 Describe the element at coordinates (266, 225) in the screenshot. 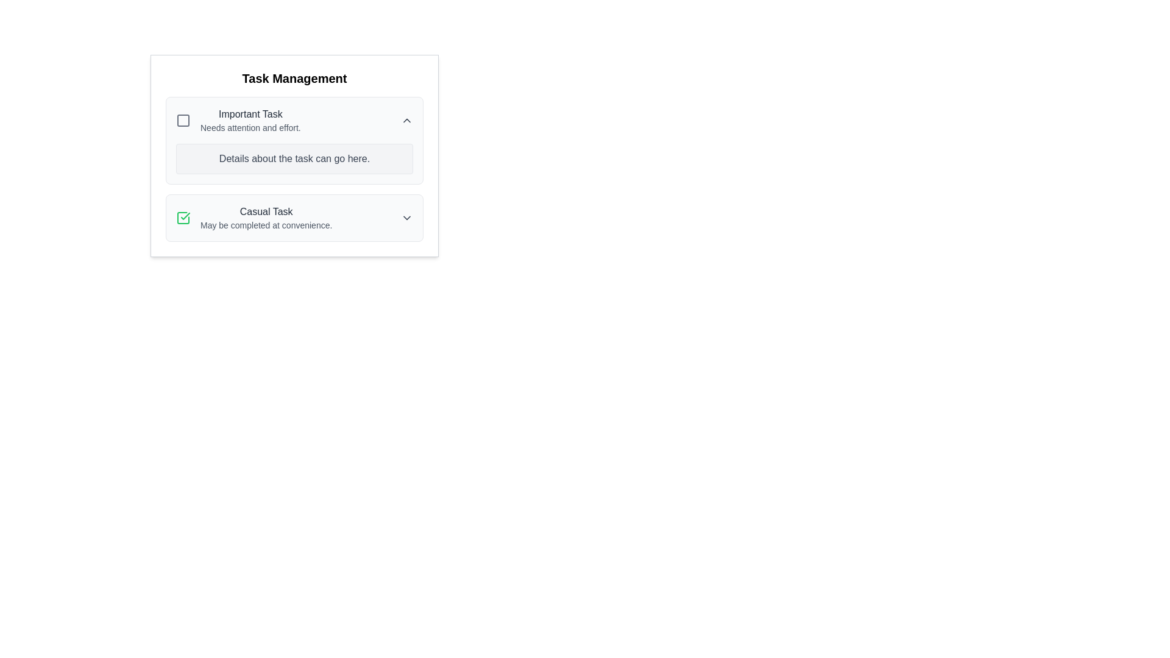

I see `text label stating 'May be completed at convenience.' which is styled in a small gray font and positioned below the 'Casual Task' label in the task management interface` at that location.